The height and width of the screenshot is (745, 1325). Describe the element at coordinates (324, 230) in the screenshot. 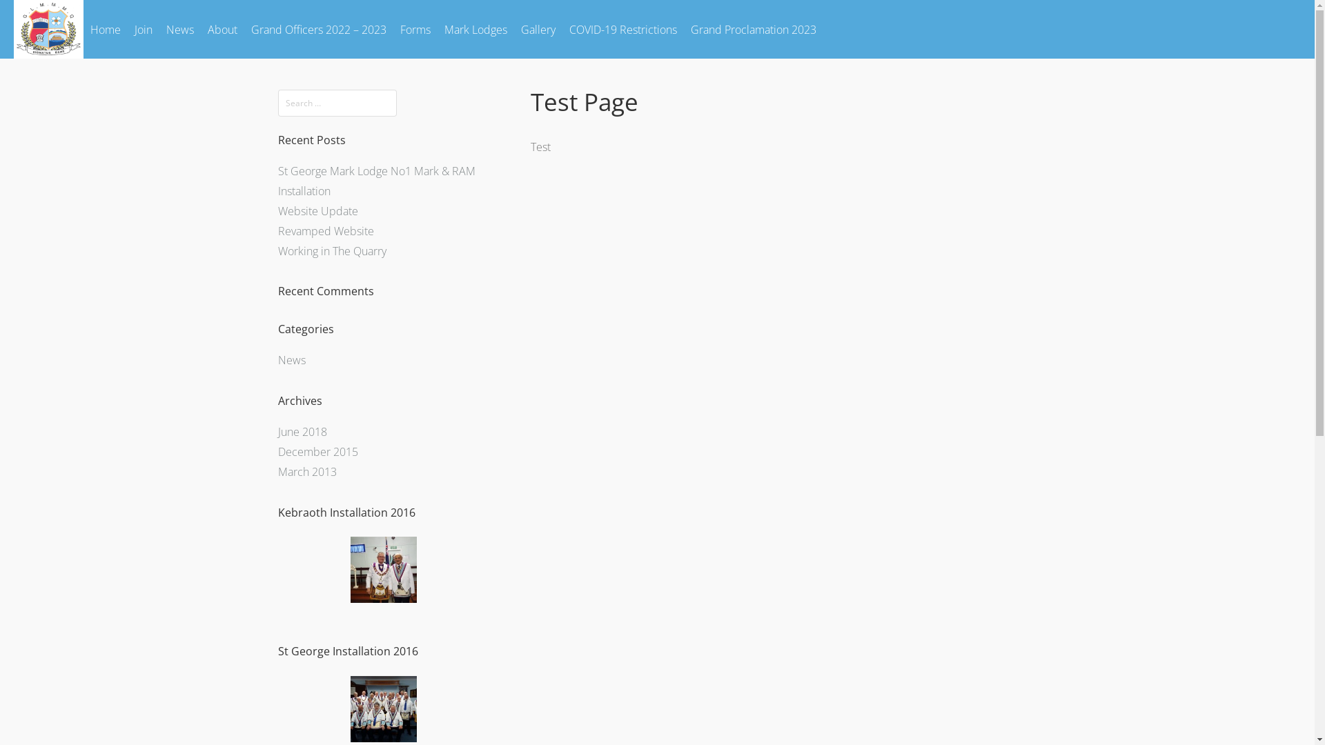

I see `'Revamped Website'` at that location.